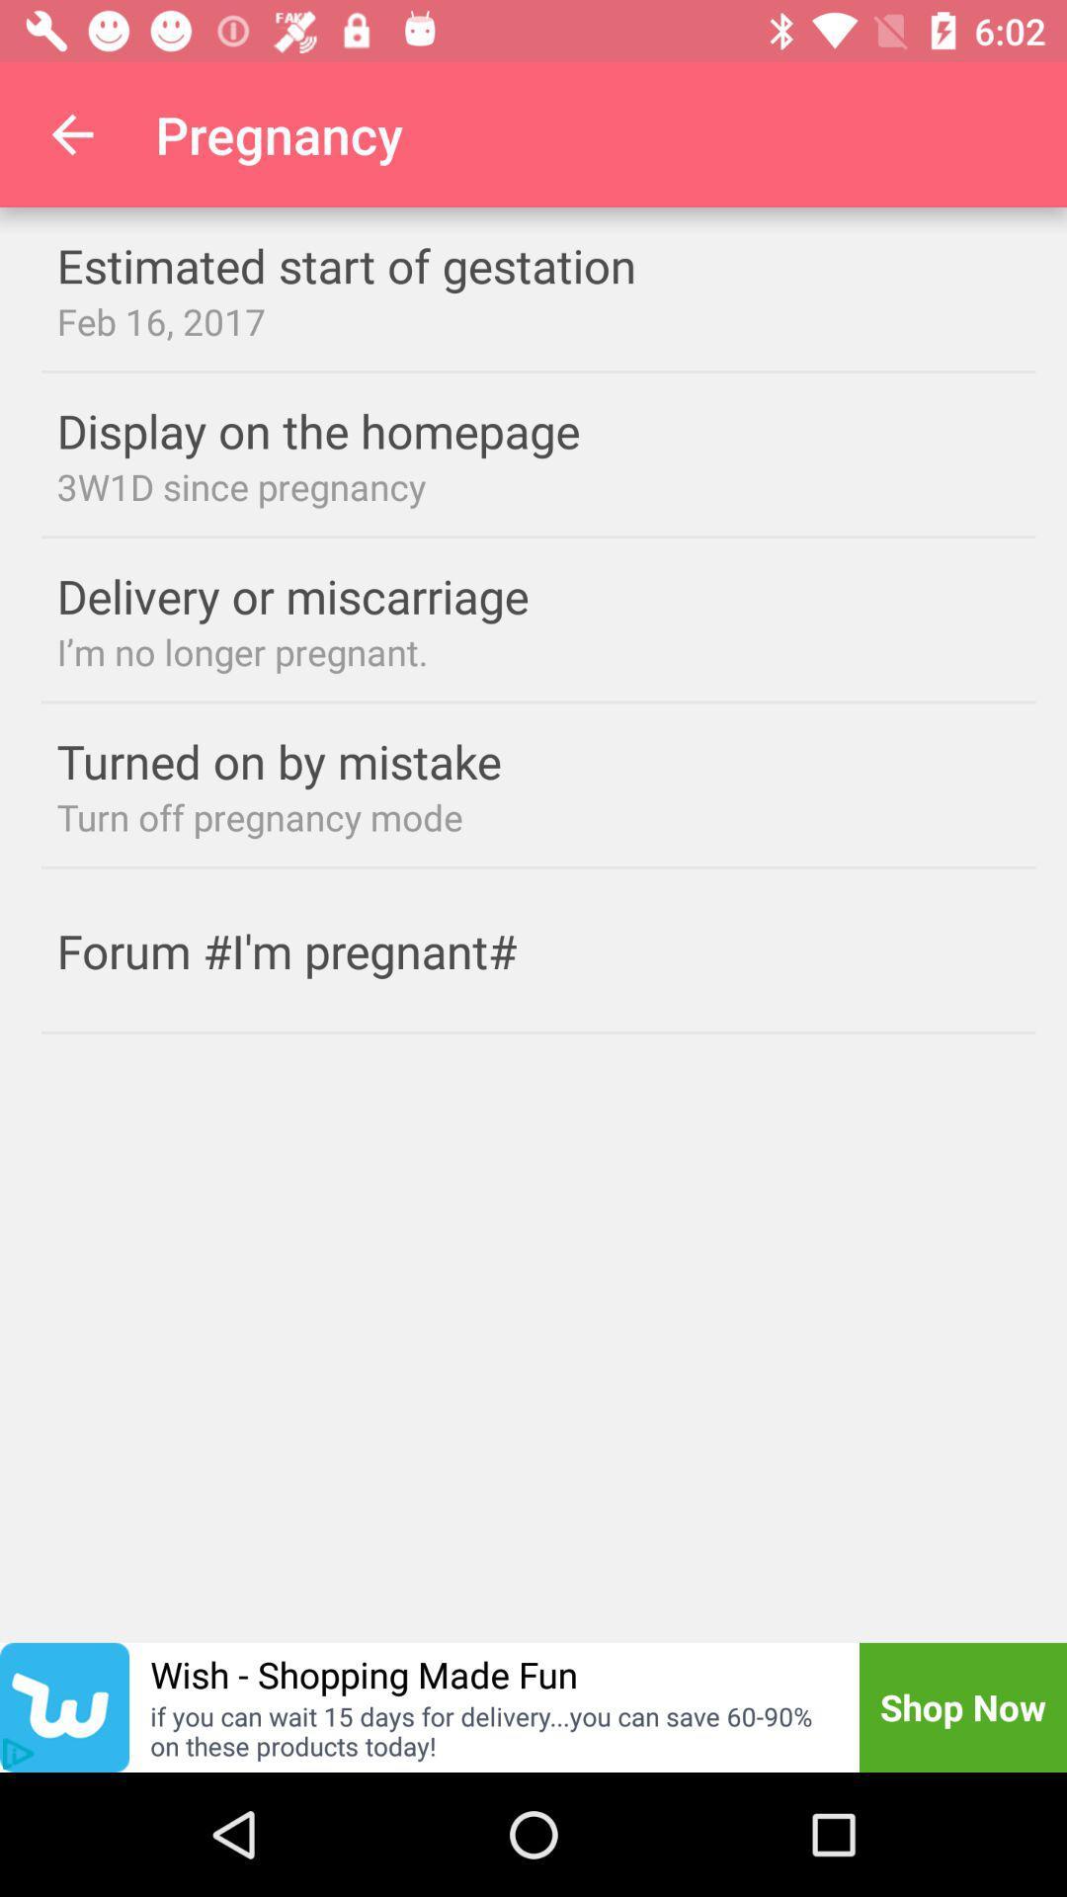 The height and width of the screenshot is (1897, 1067). I want to click on the shop now at the bottom right corner, so click(962, 1706).